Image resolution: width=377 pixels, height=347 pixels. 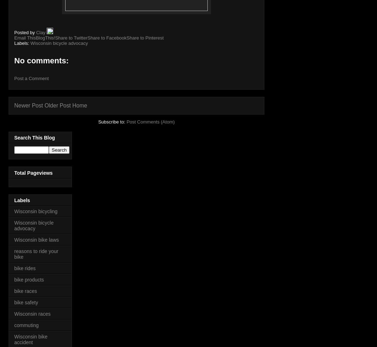 I want to click on 'Older Post', so click(x=43, y=105).